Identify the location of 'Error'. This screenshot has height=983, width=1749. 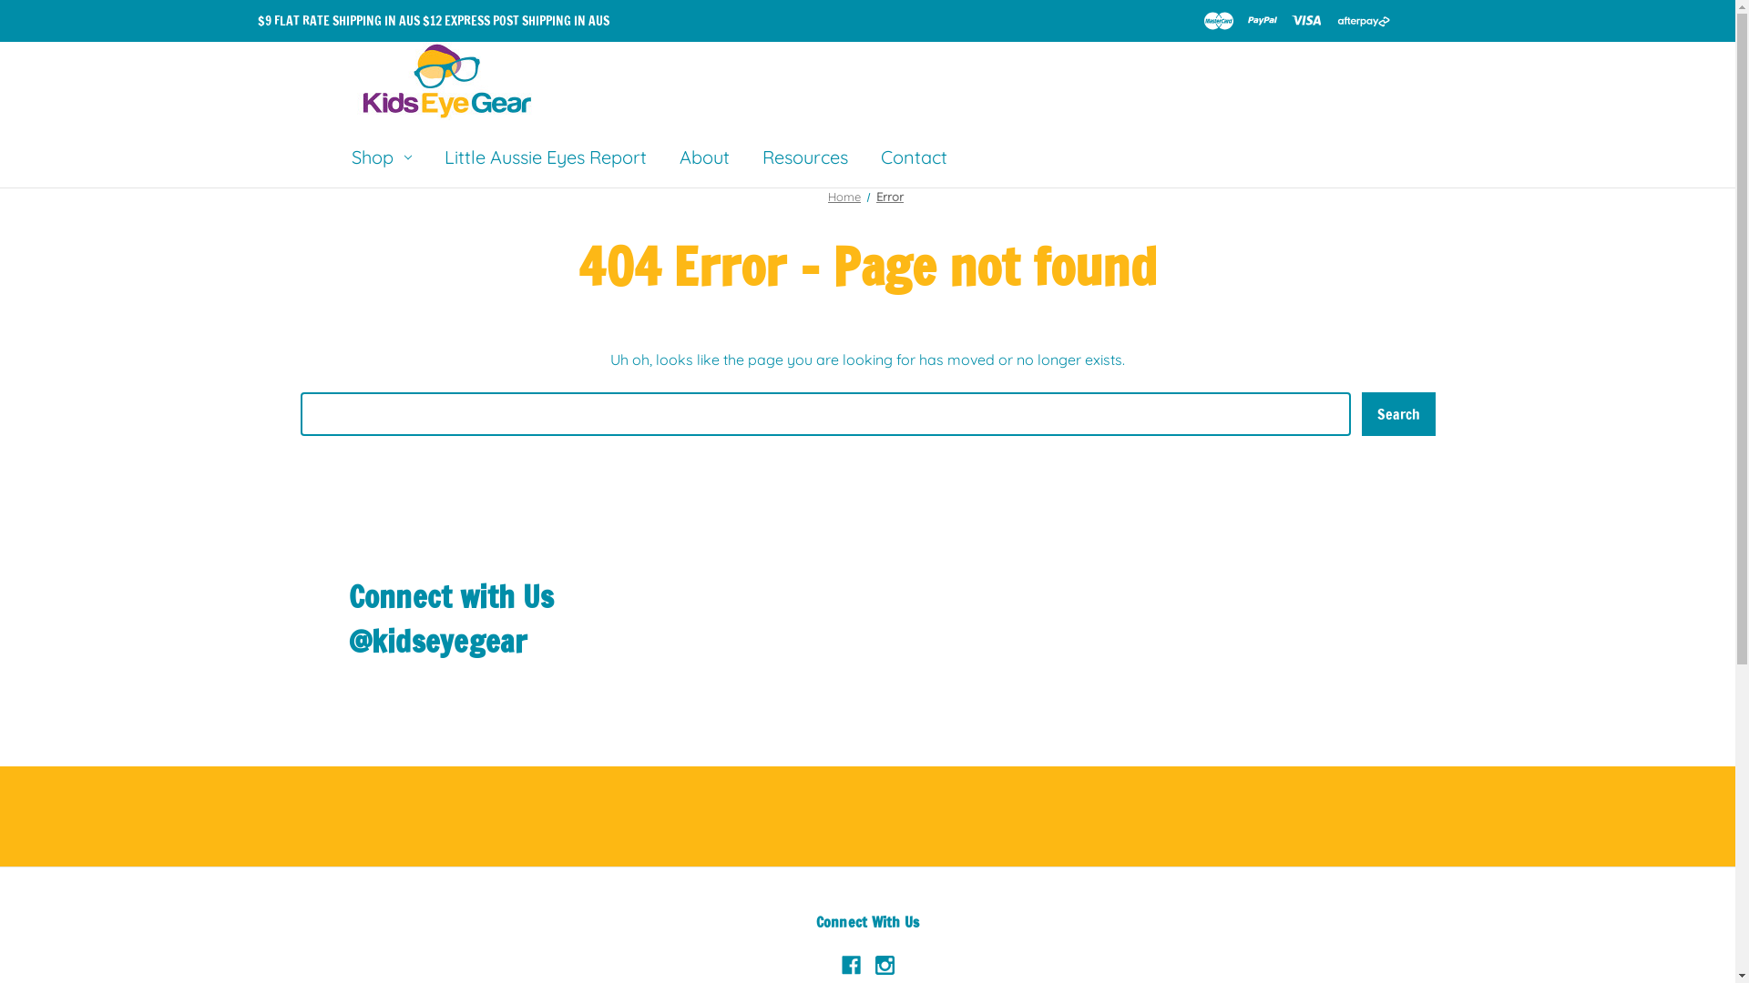
(890, 197).